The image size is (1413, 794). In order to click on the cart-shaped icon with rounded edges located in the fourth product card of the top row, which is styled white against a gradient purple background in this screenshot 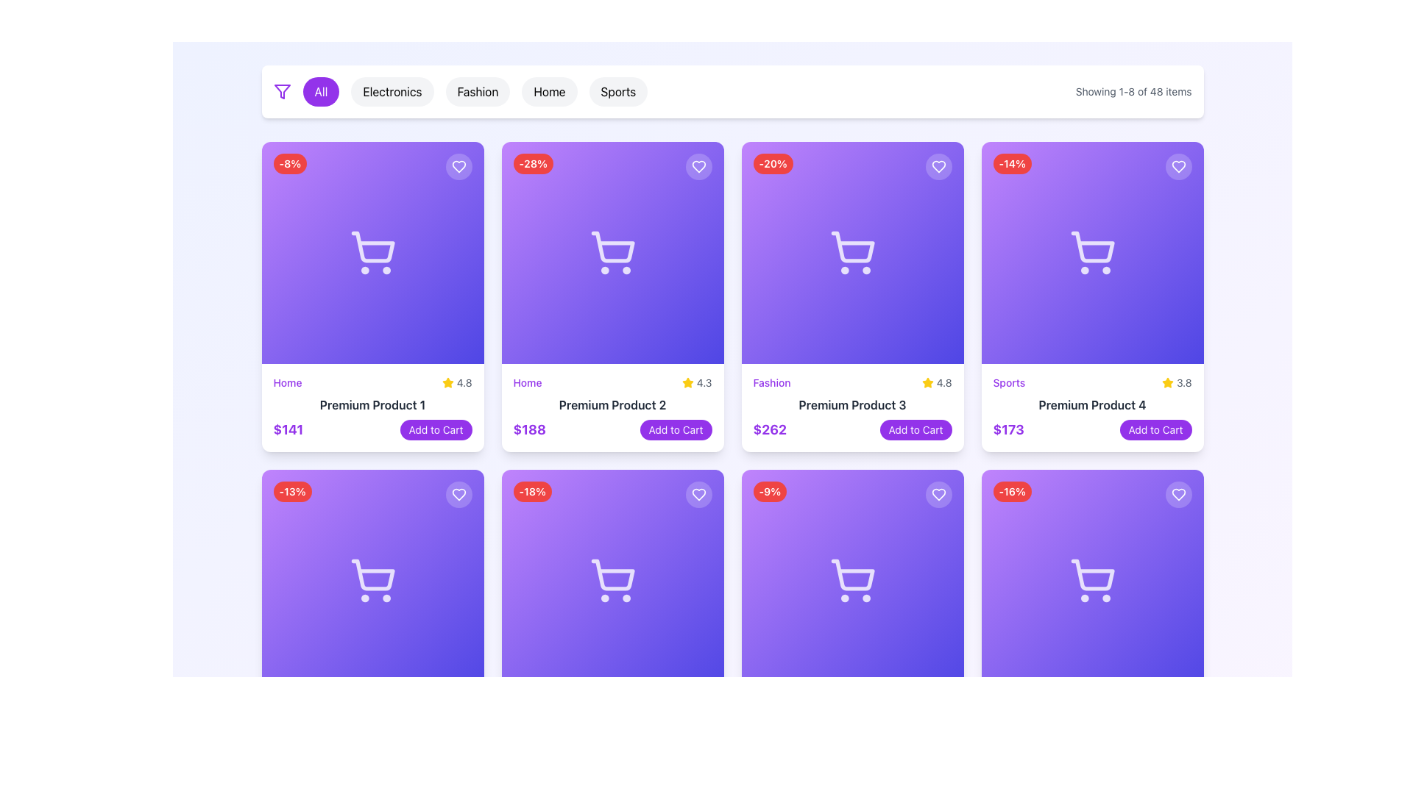, I will do `click(1092, 246)`.